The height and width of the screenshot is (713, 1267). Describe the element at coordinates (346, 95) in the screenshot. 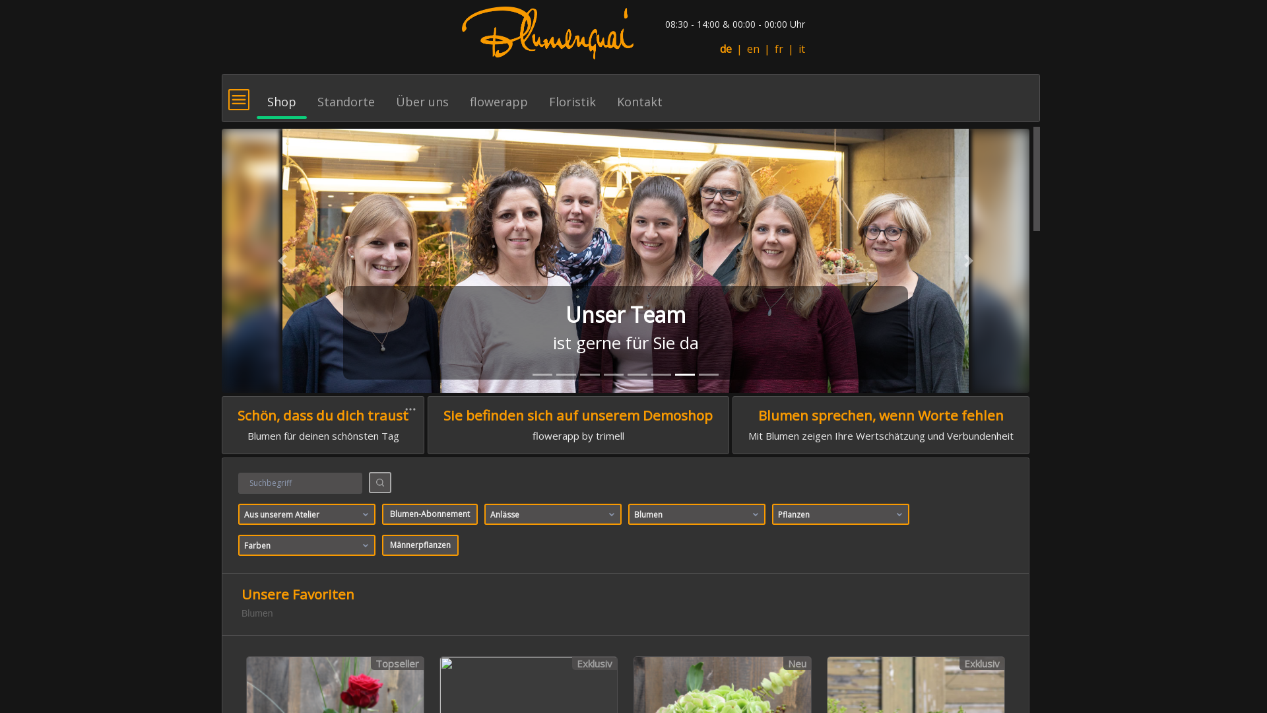

I see `'Standorte'` at that location.